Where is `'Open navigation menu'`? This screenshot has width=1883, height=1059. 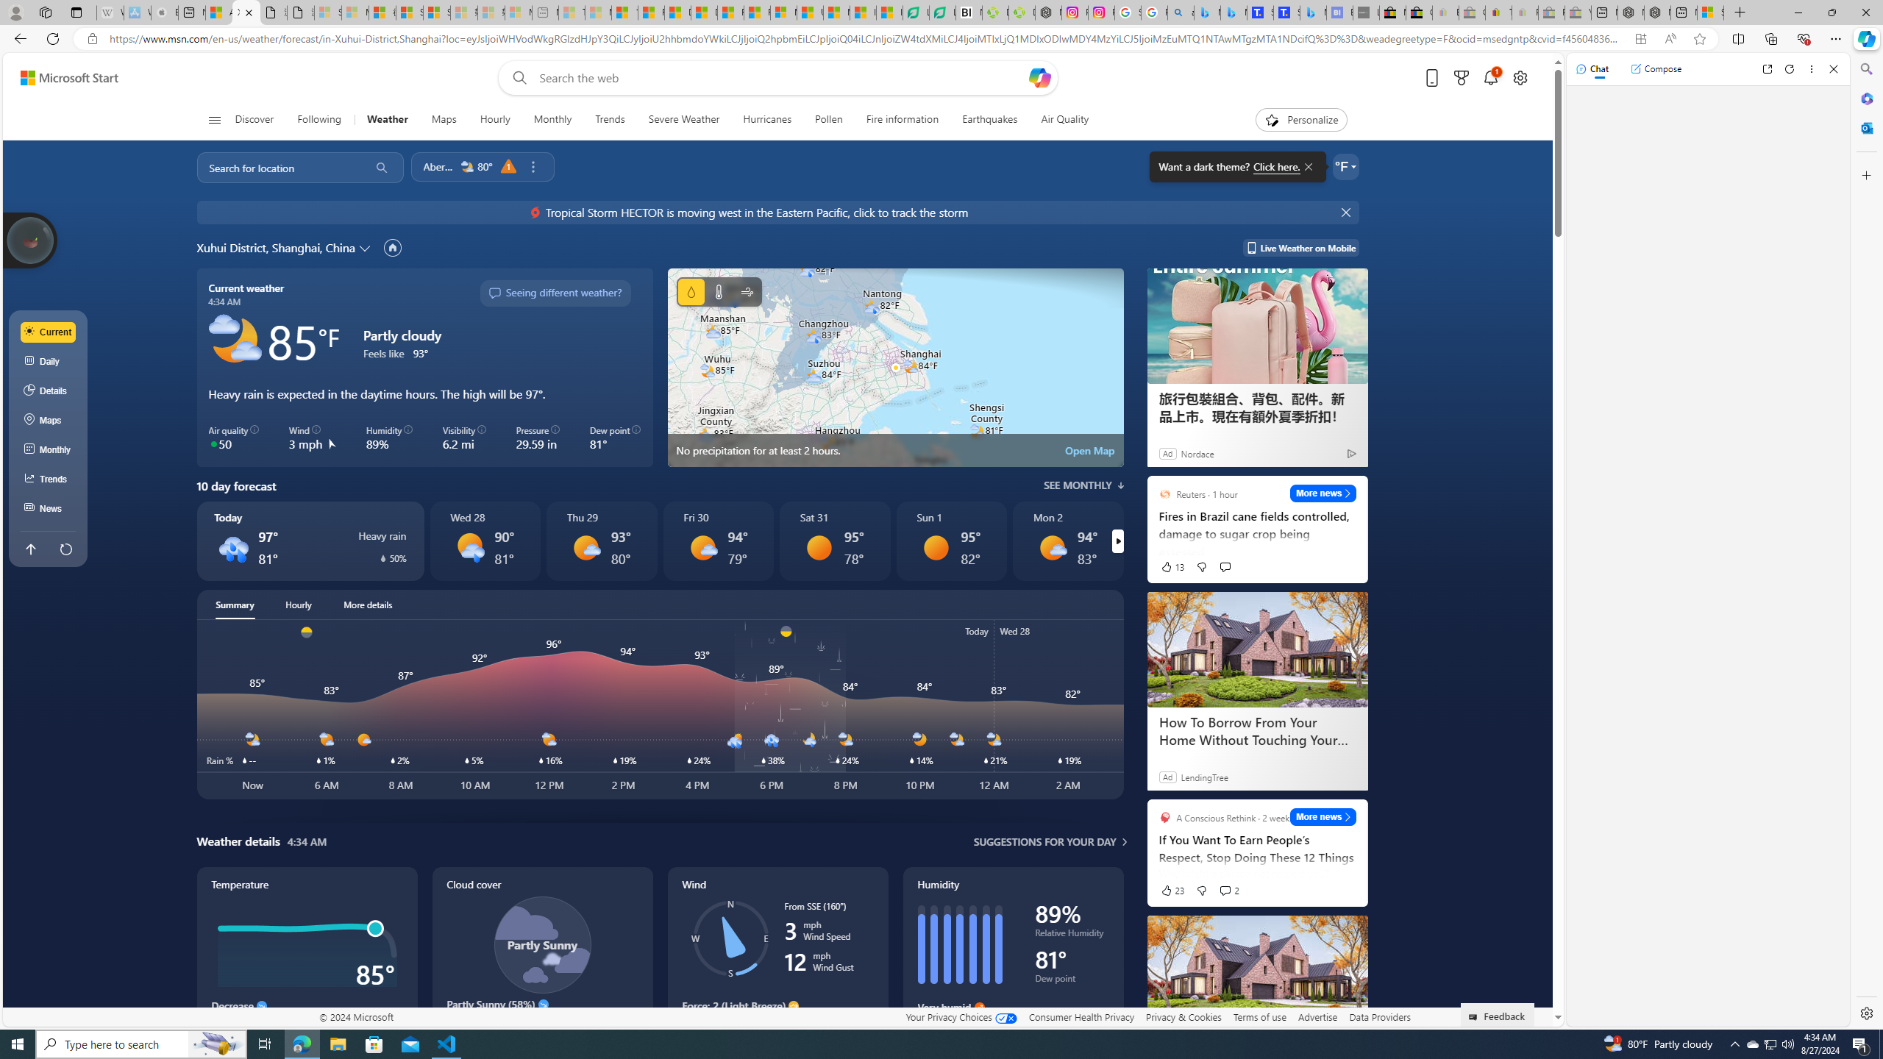
'Open navigation menu' is located at coordinates (213, 118).